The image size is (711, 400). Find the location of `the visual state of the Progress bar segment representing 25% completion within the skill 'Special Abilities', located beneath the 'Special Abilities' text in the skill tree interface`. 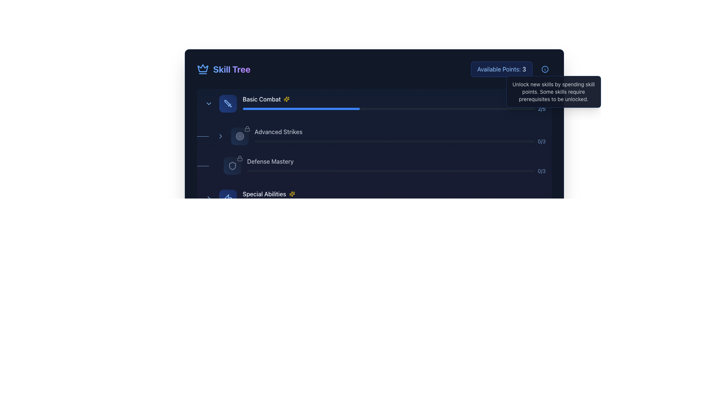

the visual state of the Progress bar segment representing 25% completion within the skill 'Special Abilities', located beneath the 'Special Abilities' text in the skill tree interface is located at coordinates (279, 204).